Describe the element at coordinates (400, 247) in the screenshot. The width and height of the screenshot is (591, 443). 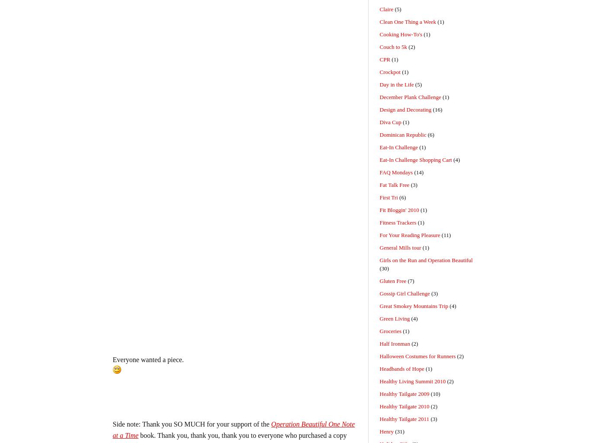
I see `'General Mills tour'` at that location.